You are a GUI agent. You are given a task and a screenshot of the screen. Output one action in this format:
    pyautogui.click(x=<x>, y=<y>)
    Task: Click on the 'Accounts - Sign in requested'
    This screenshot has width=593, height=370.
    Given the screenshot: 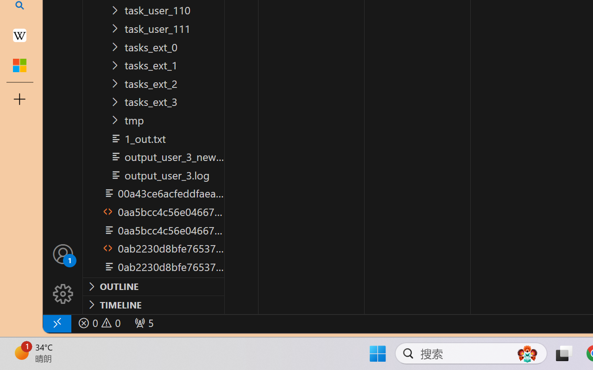 What is the action you would take?
    pyautogui.click(x=62, y=253)
    